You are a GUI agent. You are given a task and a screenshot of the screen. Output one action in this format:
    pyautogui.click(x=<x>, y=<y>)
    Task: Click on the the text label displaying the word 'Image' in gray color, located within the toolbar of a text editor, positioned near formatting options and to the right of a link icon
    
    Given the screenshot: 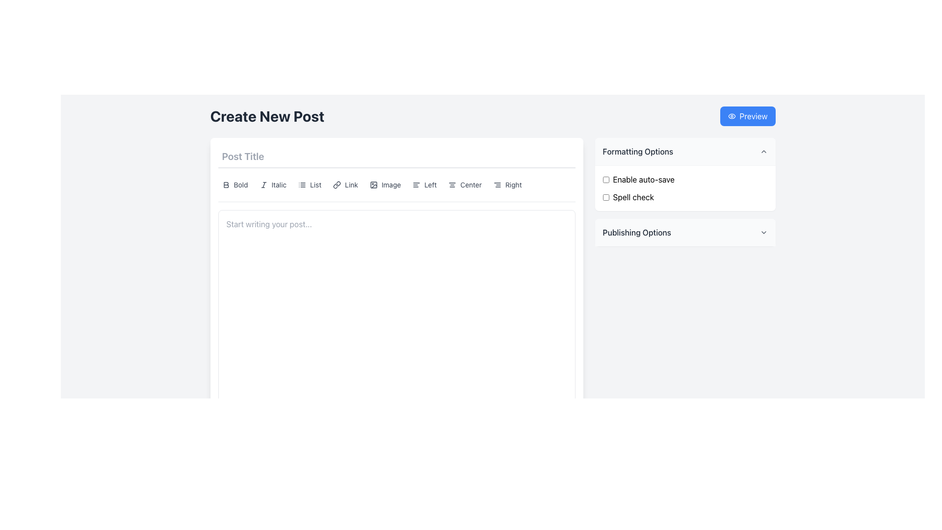 What is the action you would take?
    pyautogui.click(x=391, y=185)
    